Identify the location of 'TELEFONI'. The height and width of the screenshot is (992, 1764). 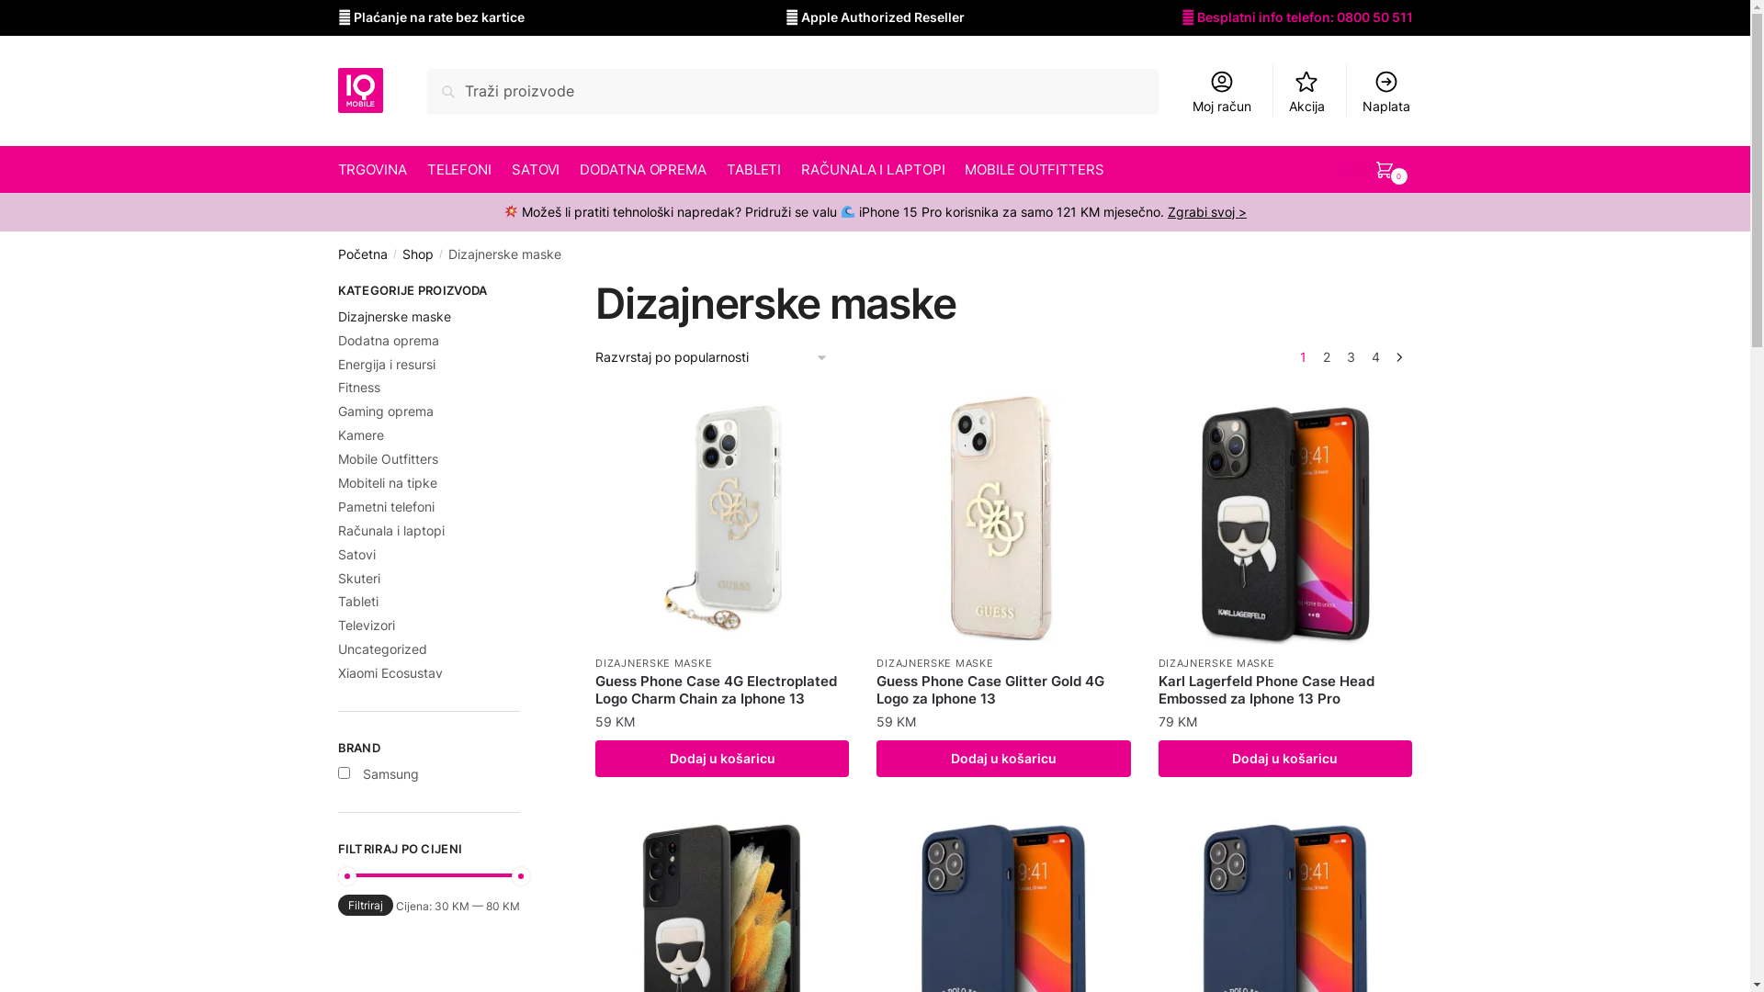
(458, 170).